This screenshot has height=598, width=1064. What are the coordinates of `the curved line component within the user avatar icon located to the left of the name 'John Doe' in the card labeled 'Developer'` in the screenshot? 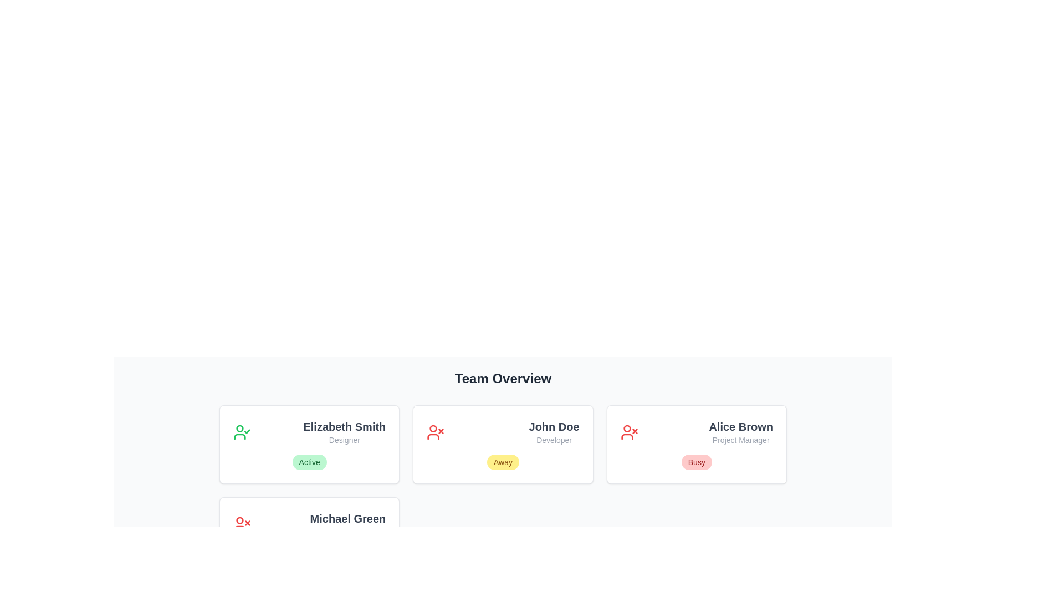 It's located at (627, 436).